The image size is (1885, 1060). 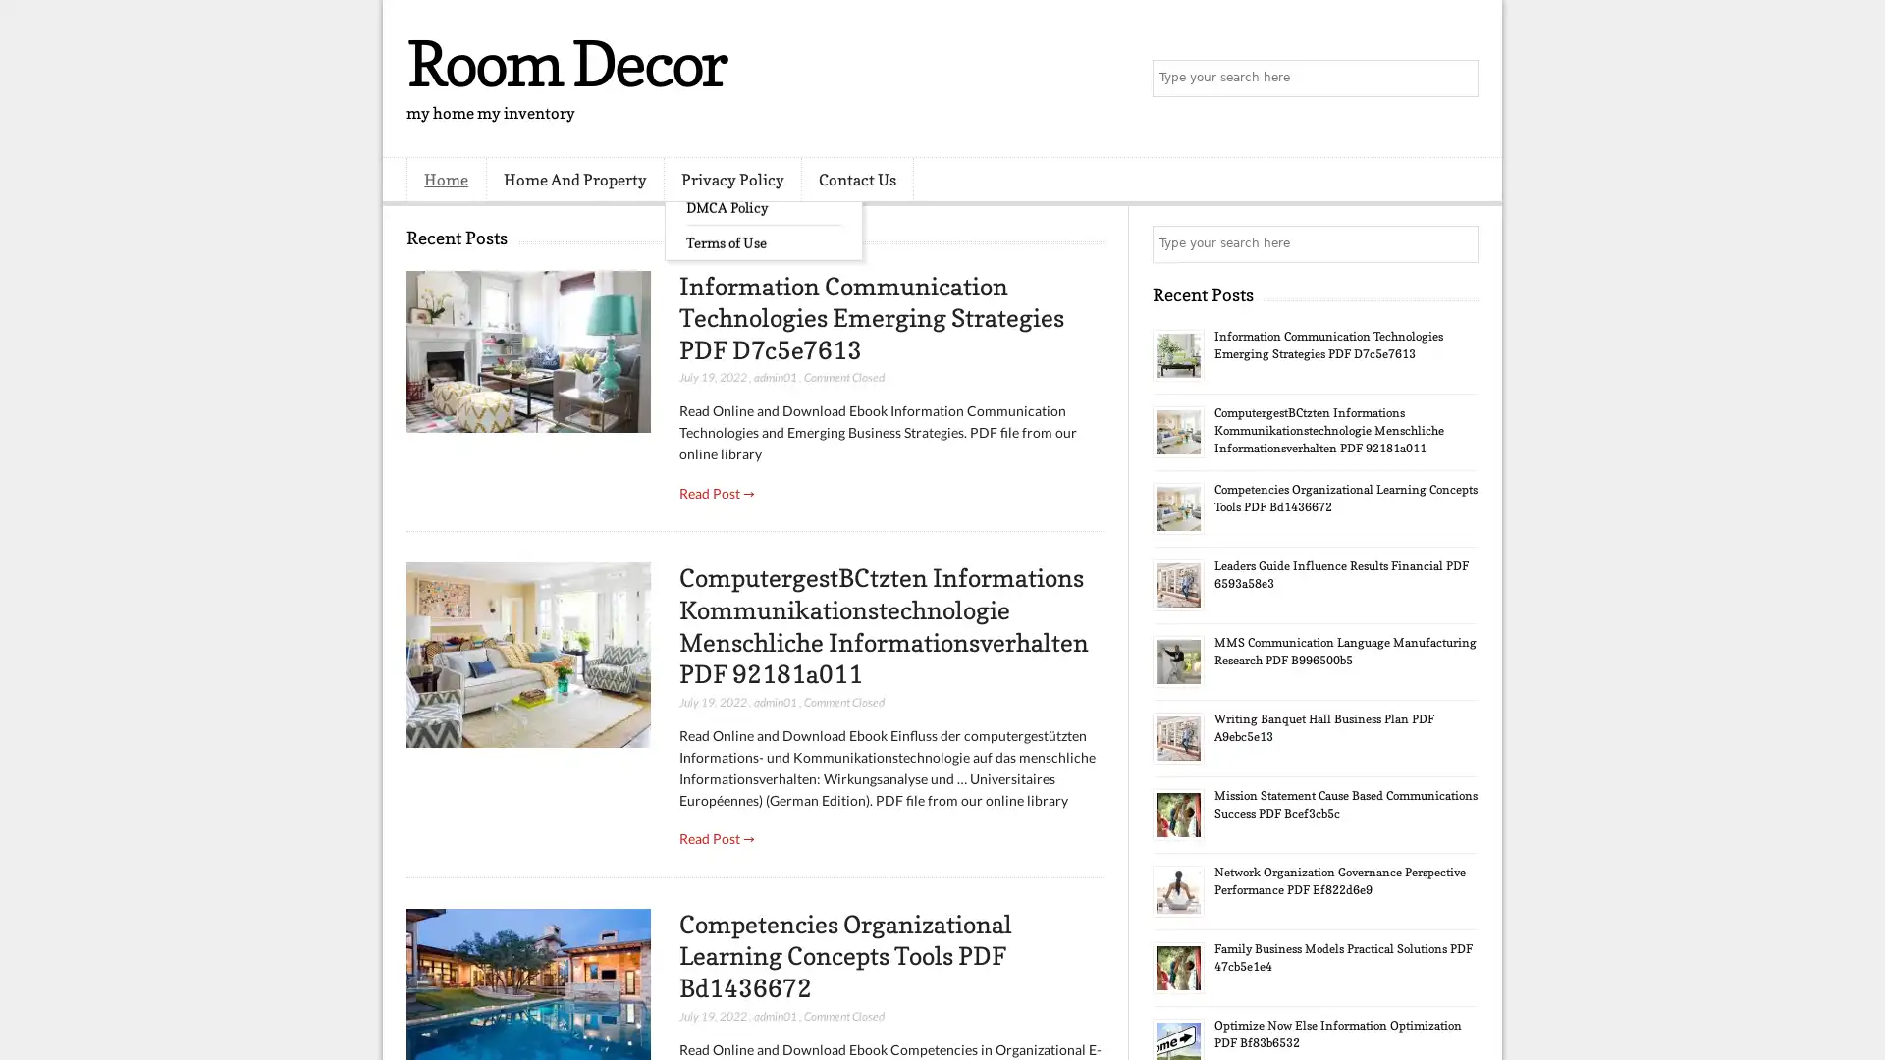 What do you see at coordinates (1458, 243) in the screenshot?
I see `Search` at bounding box center [1458, 243].